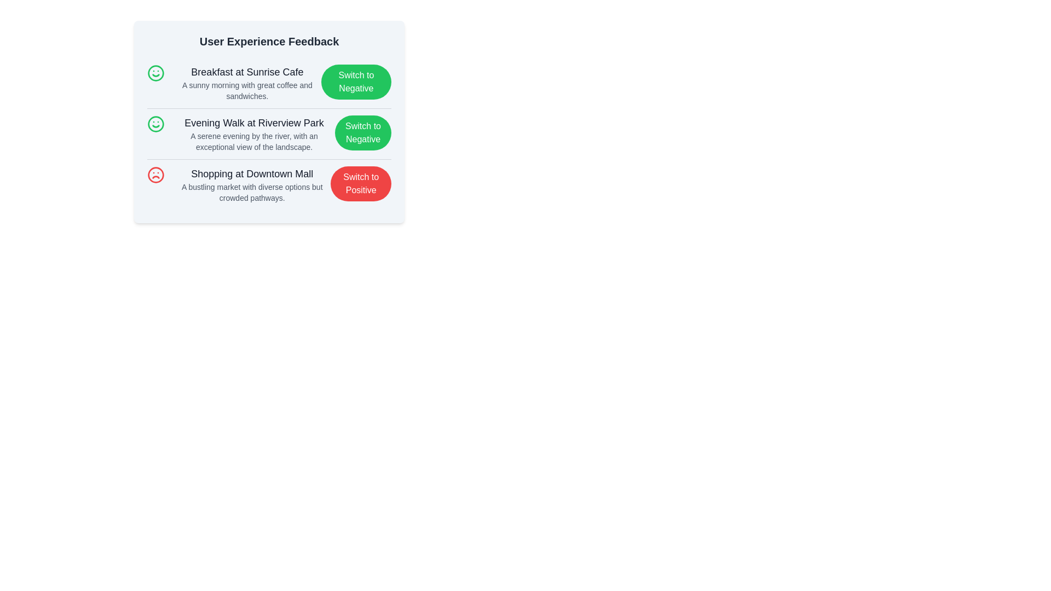 This screenshot has height=591, width=1051. What do you see at coordinates (155, 175) in the screenshot?
I see `the sentiment icon for Shopping at Downtown Mall` at bounding box center [155, 175].